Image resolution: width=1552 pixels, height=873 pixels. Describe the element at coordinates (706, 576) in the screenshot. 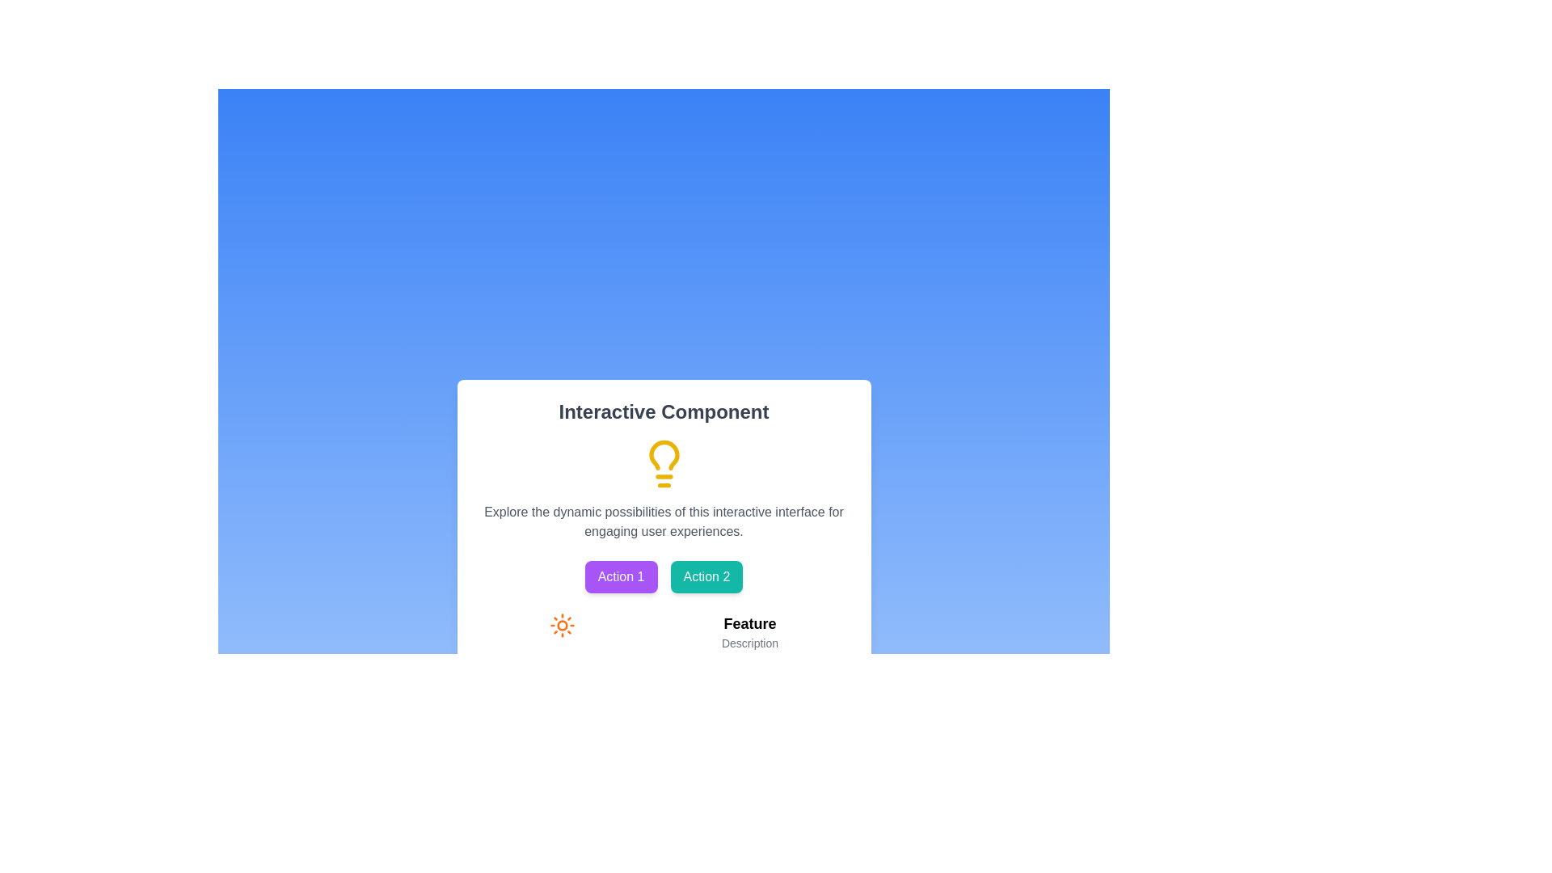

I see `the second button labeled 'Action 2' located in the lower middle section of the interface` at that location.